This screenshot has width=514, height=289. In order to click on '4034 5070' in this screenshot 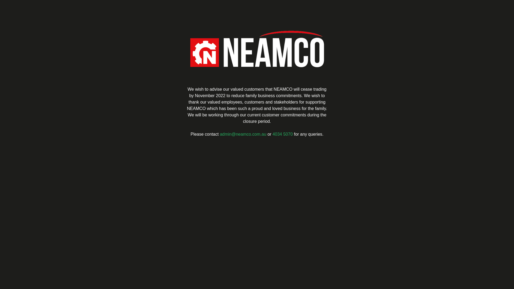, I will do `click(282, 134)`.